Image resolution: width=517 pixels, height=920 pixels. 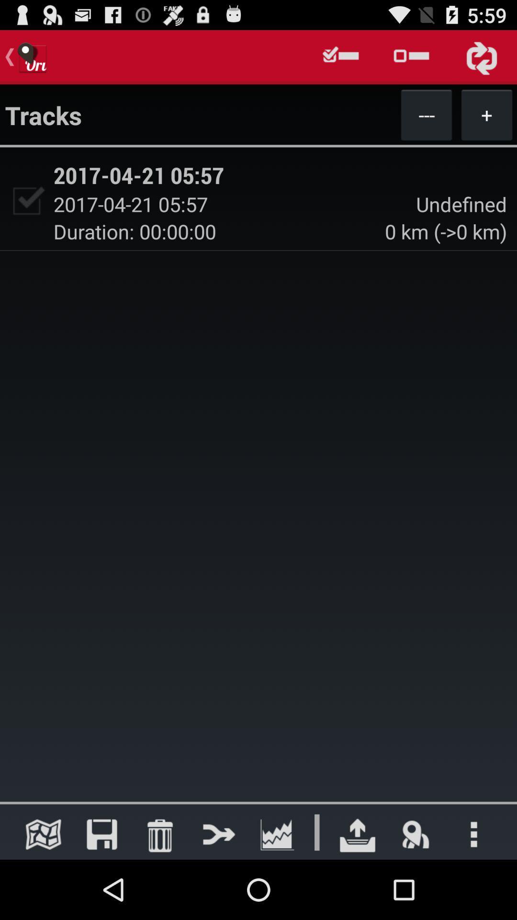 I want to click on icon above the tracks app, so click(x=340, y=57).